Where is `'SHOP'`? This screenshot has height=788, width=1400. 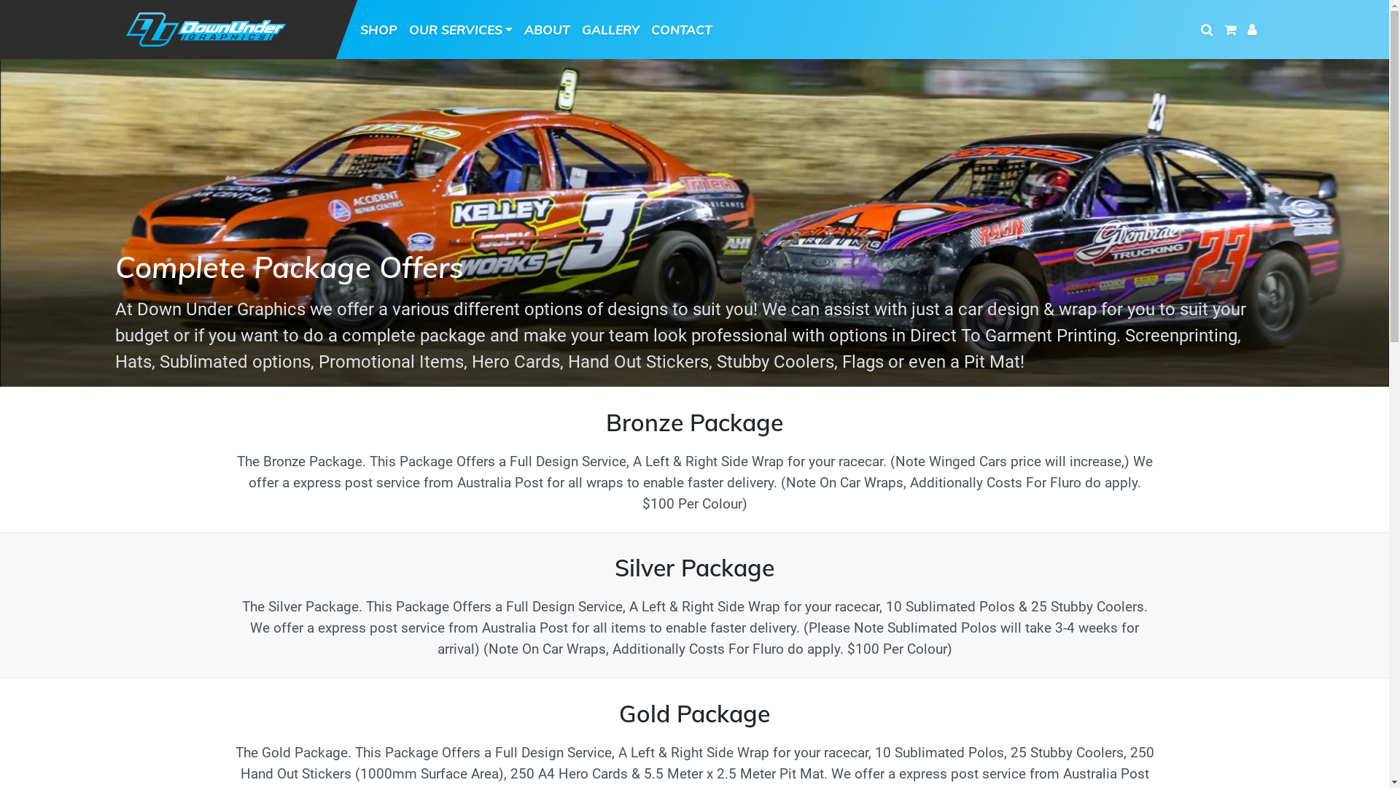 'SHOP' is located at coordinates (378, 28).